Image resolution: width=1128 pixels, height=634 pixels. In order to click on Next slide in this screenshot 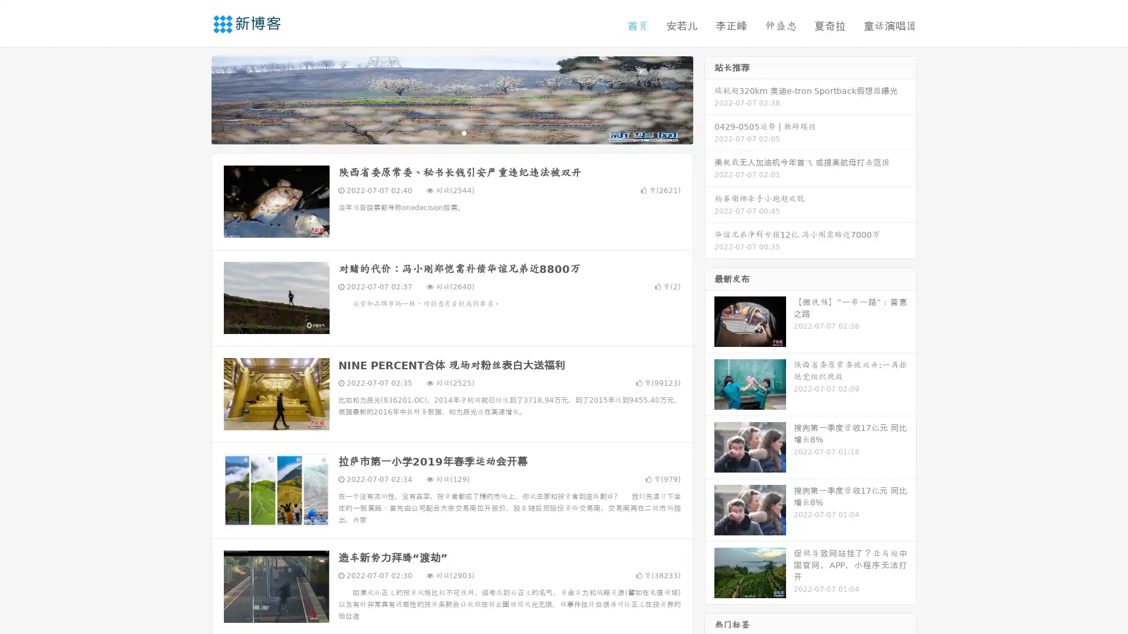, I will do `click(710, 99)`.